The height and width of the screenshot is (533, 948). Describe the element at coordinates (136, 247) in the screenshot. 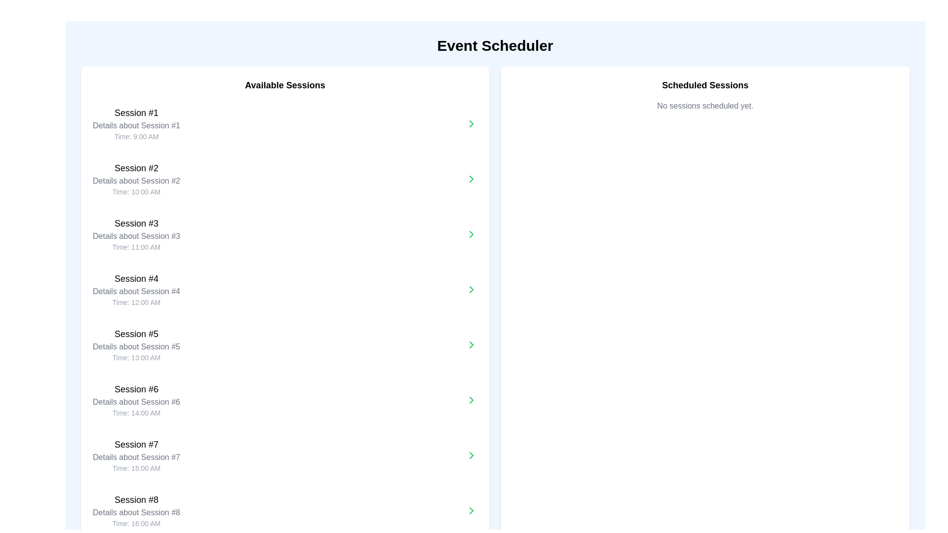

I see `the text label displaying 'Time: 11:00 AM' located beneath 'Session #3' in the 'Available Sessions' section` at that location.